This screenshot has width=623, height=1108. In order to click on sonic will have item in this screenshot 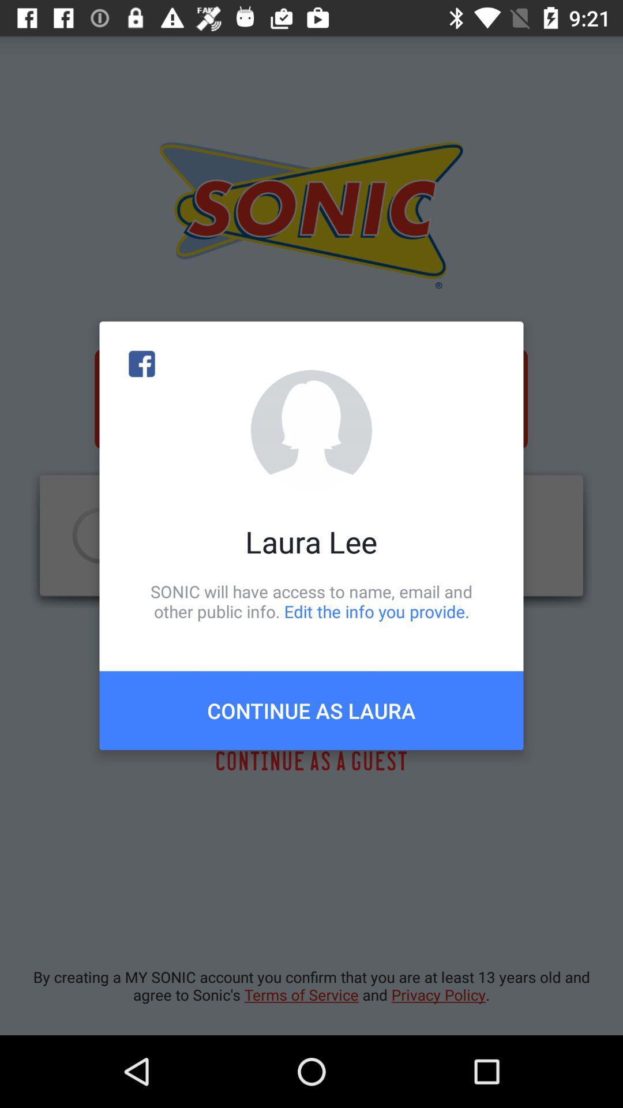, I will do `click(311, 601)`.